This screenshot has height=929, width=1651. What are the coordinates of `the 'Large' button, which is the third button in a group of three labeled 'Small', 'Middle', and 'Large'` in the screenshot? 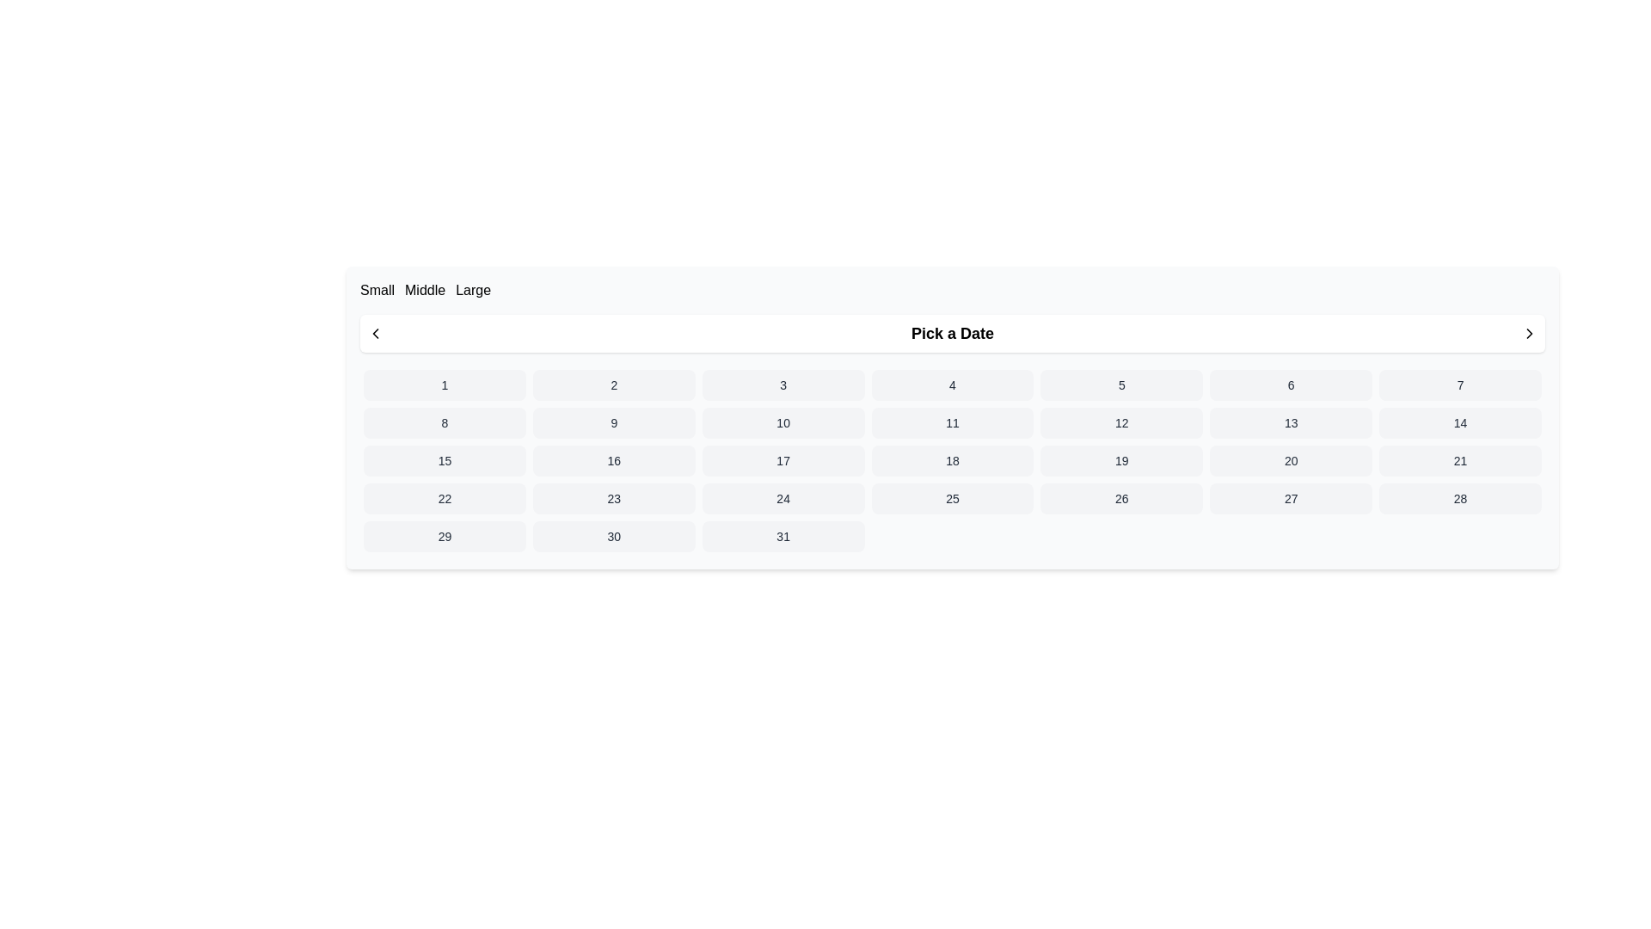 It's located at (473, 290).